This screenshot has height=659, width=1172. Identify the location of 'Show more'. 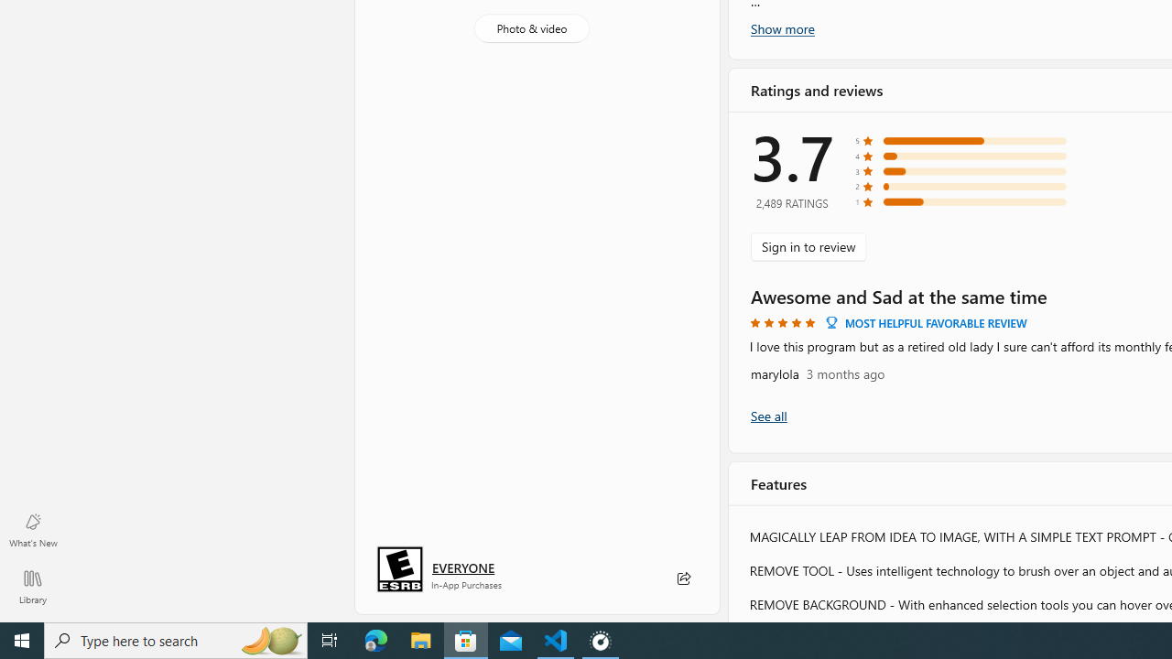
(783, 28).